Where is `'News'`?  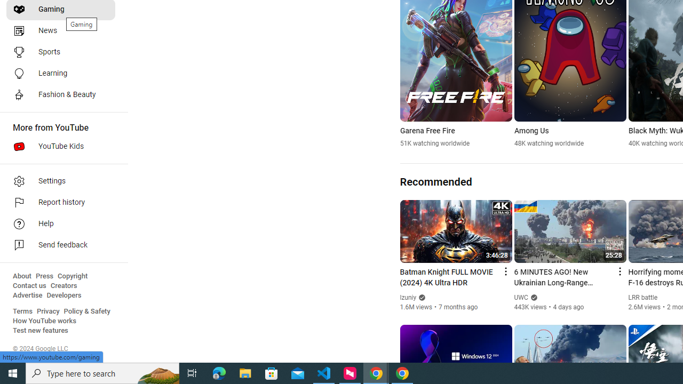
'News' is located at coordinates (60, 30).